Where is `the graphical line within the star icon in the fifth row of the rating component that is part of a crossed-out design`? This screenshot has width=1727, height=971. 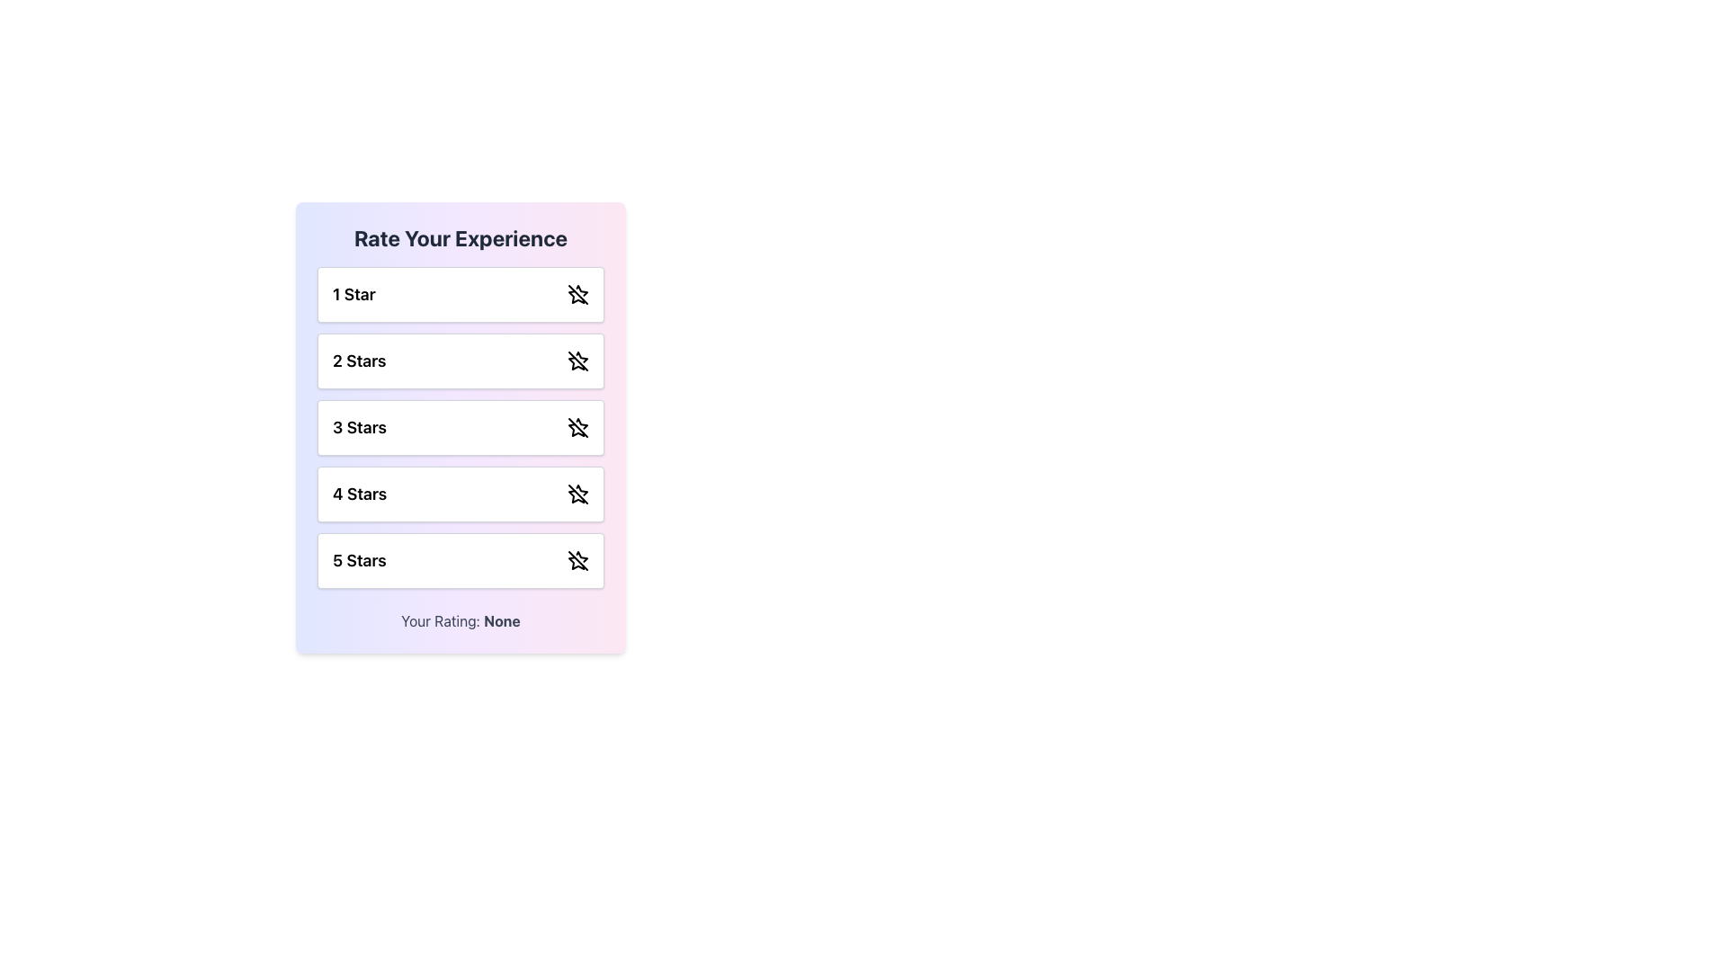 the graphical line within the star icon in the fifth row of the rating component that is part of a crossed-out design is located at coordinates (578, 560).